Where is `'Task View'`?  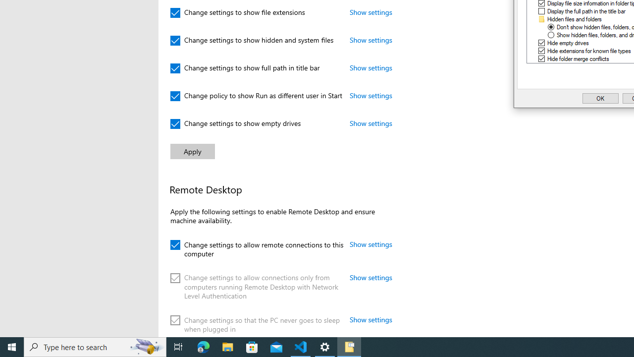 'Task View' is located at coordinates (178, 346).